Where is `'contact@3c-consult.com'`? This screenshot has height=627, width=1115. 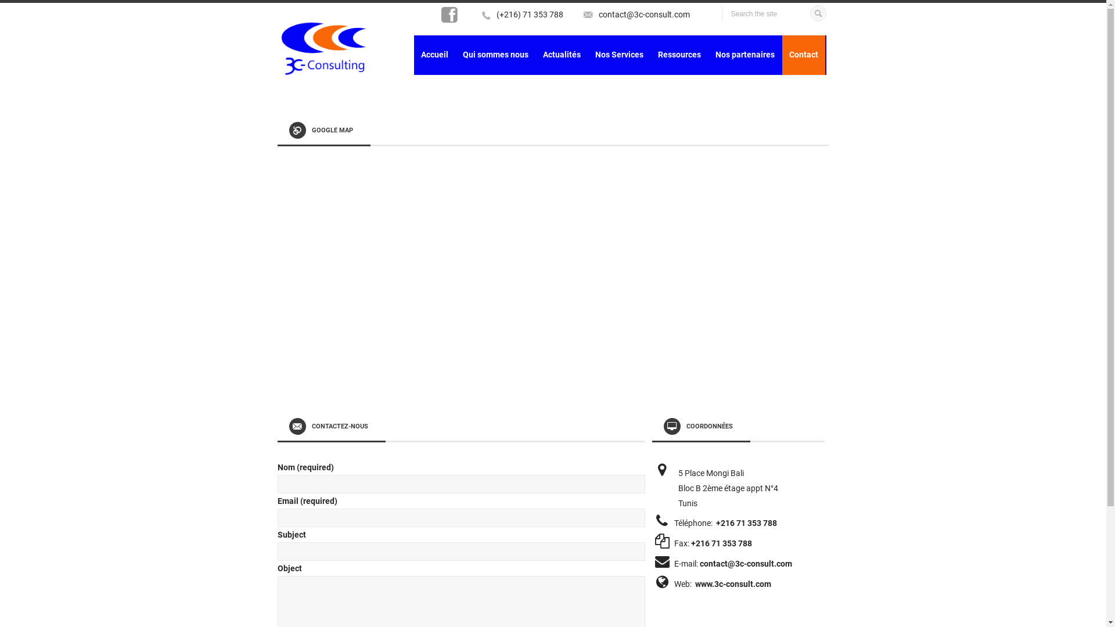 'contact@3c-consult.com' is located at coordinates (643, 14).